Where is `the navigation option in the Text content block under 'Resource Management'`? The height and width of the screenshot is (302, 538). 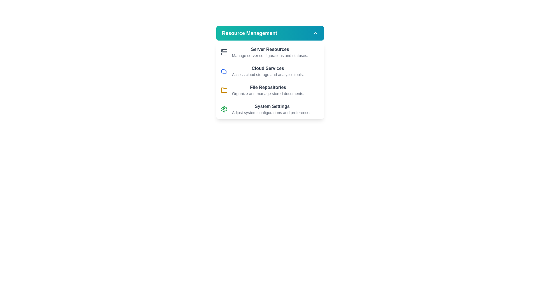
the navigation option in the Text content block under 'Resource Management' is located at coordinates (267, 71).